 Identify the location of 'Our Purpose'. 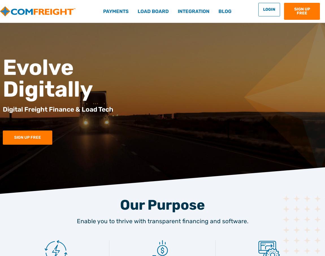
(162, 205).